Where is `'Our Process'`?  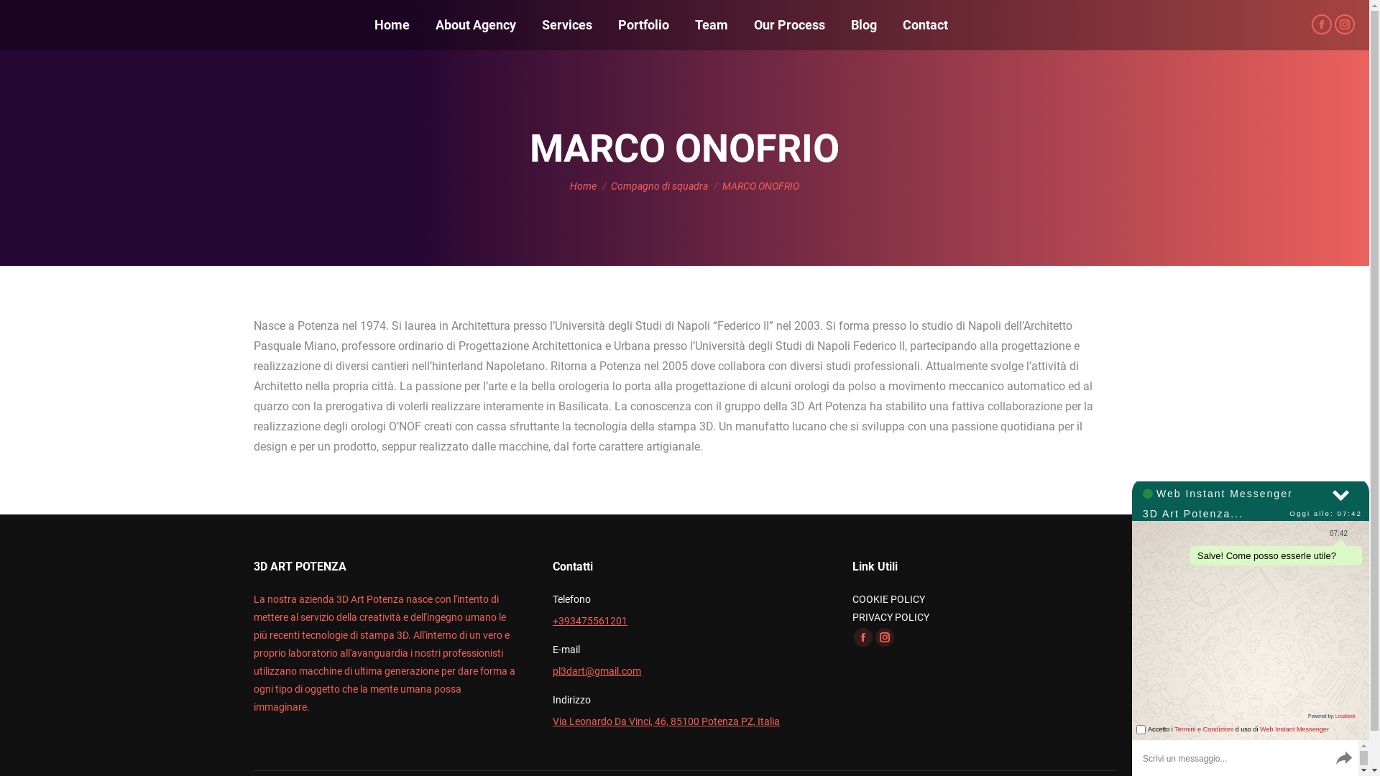 'Our Process' is located at coordinates (788, 24).